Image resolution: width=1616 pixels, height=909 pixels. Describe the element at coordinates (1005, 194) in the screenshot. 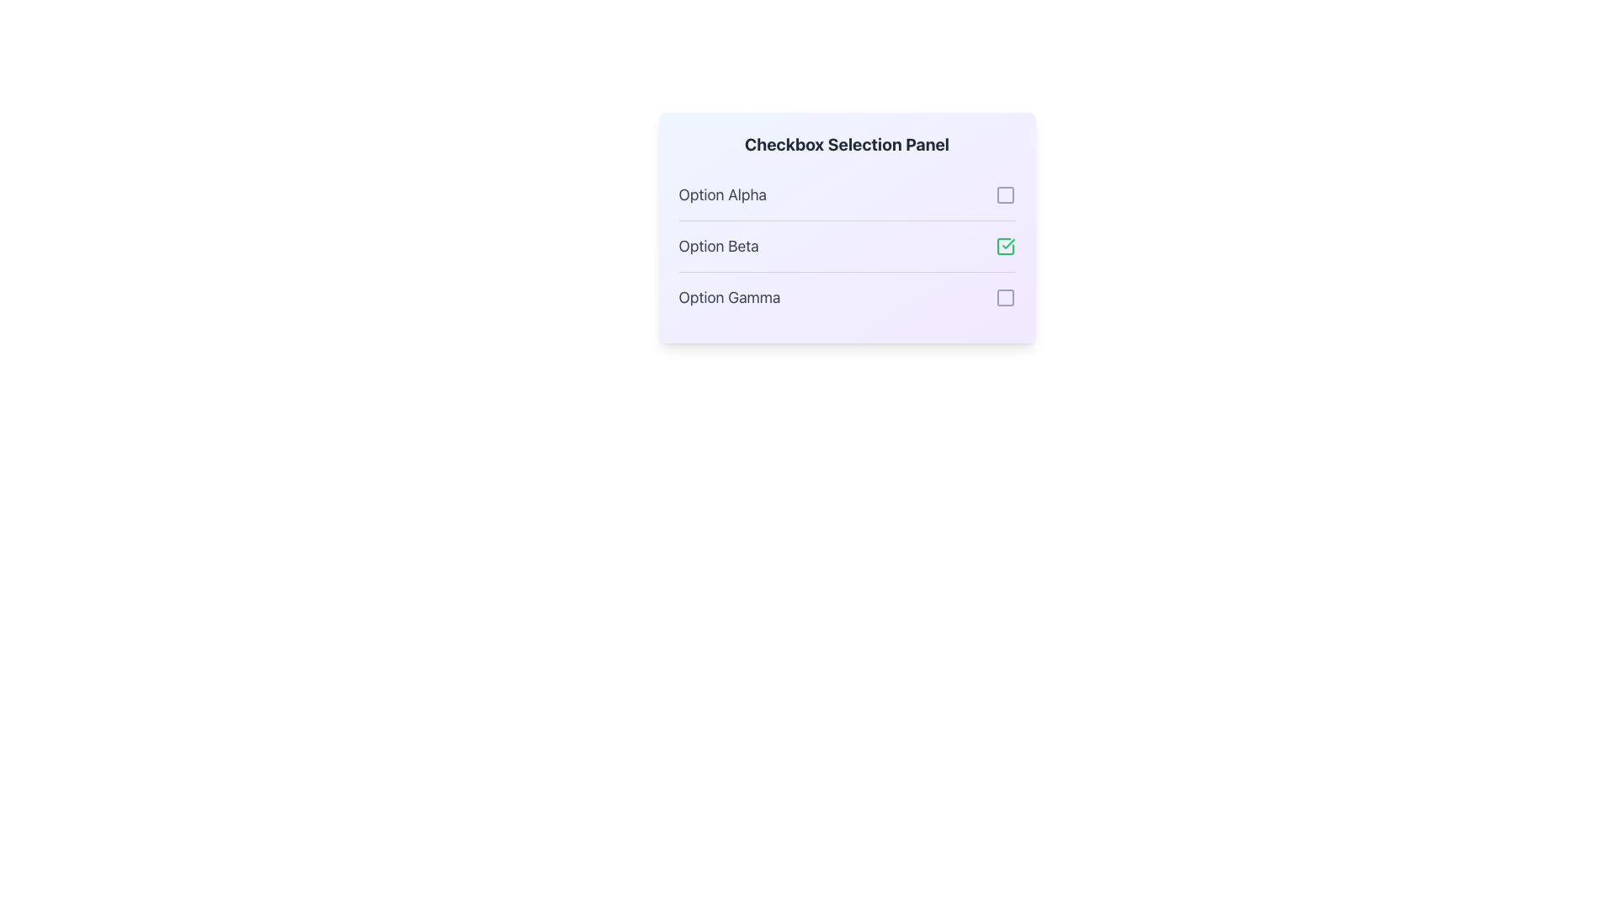

I see `the checkbox that toggles the selection state for 'Option Alpha' in the Checkbox Selection Panel` at that location.